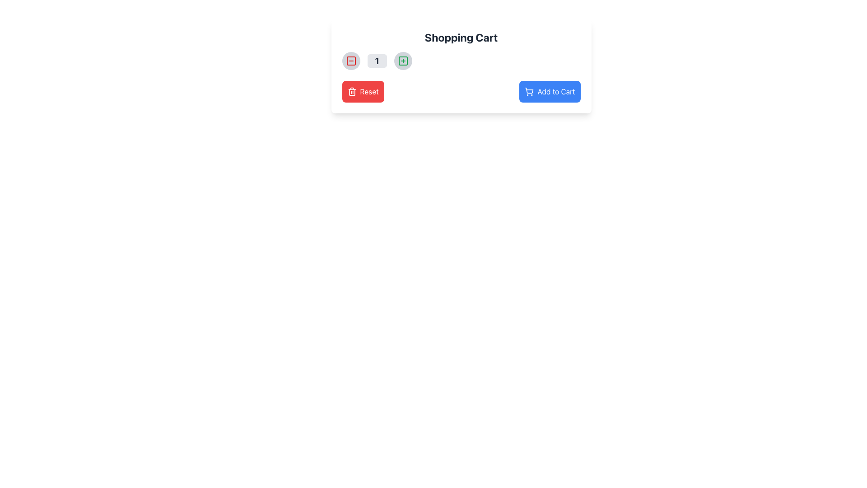 The height and width of the screenshot is (488, 867). Describe the element at coordinates (350, 61) in the screenshot. I see `the decrement button located at the top left of the 'Shopping Cart' section to reduce the count of a related value or item` at that location.